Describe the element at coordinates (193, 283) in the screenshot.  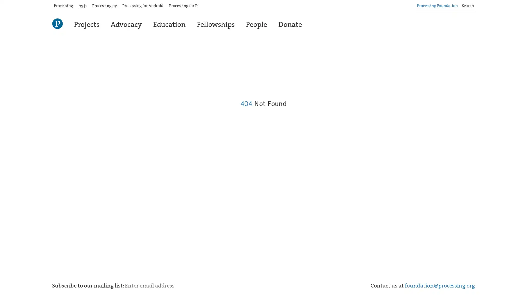
I see `Submit` at that location.